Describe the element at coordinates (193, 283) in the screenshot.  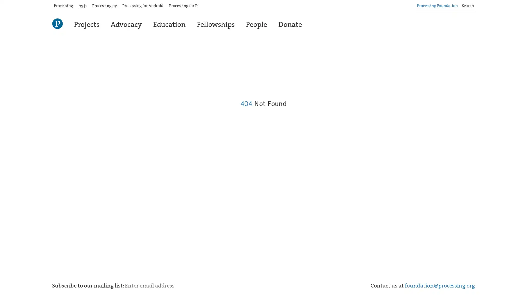
I see `Submit` at that location.